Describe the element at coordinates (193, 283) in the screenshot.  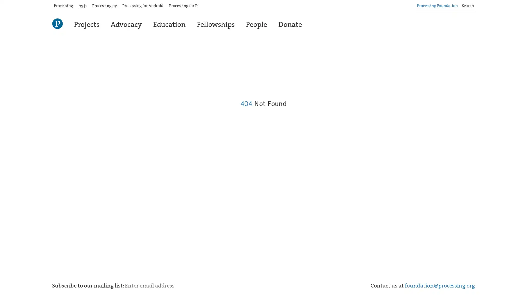
I see `Submit` at that location.